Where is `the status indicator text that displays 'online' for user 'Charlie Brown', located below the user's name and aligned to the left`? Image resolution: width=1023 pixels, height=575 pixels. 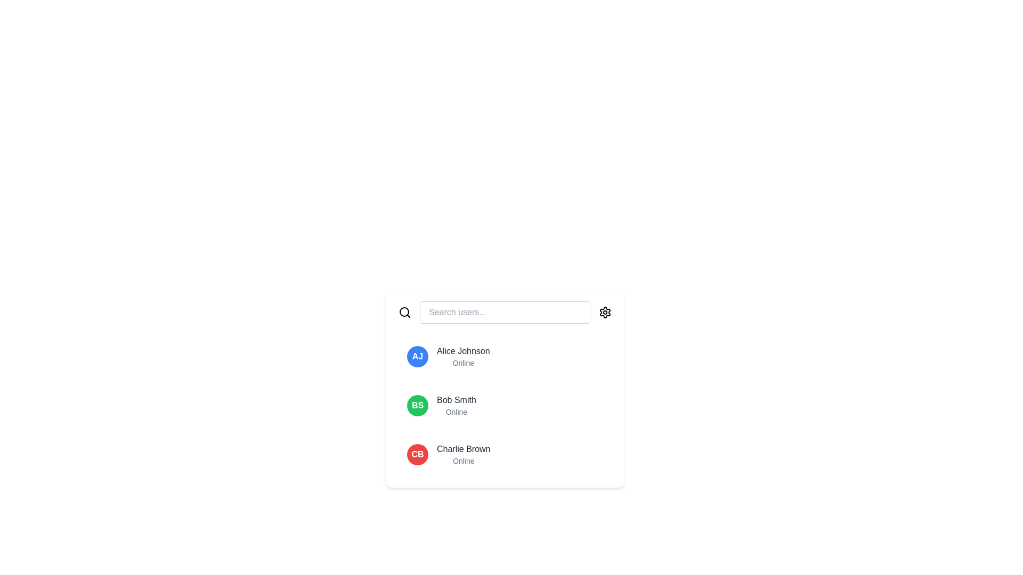 the status indicator text that displays 'online' for user 'Charlie Brown', located below the user's name and aligned to the left is located at coordinates (464, 461).